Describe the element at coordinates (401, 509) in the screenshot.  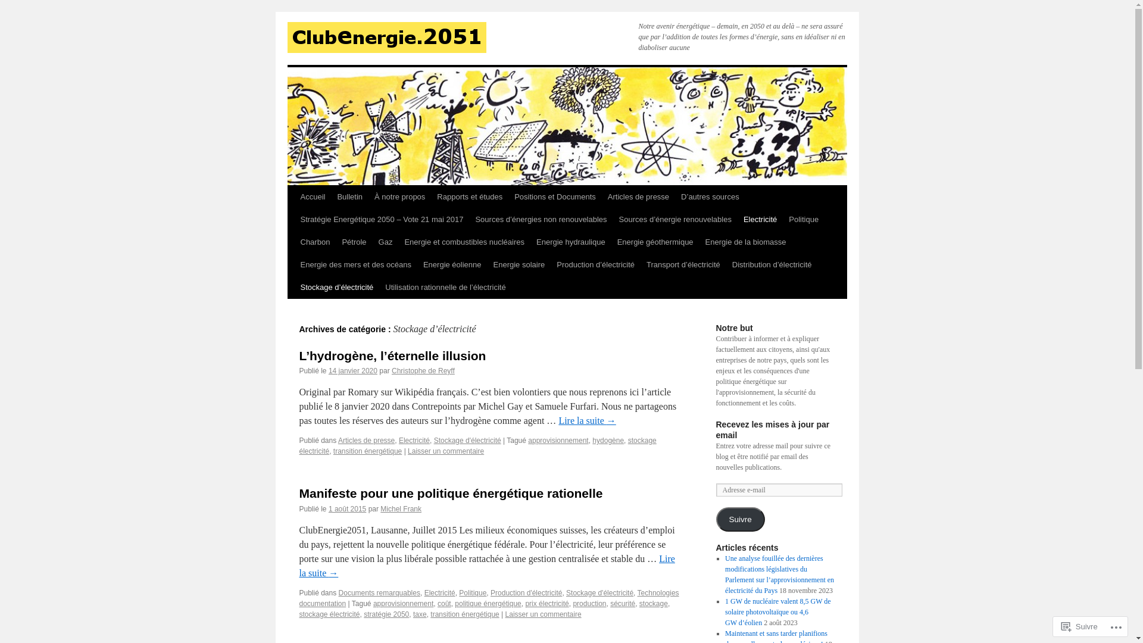
I see `'Michel Frank'` at that location.